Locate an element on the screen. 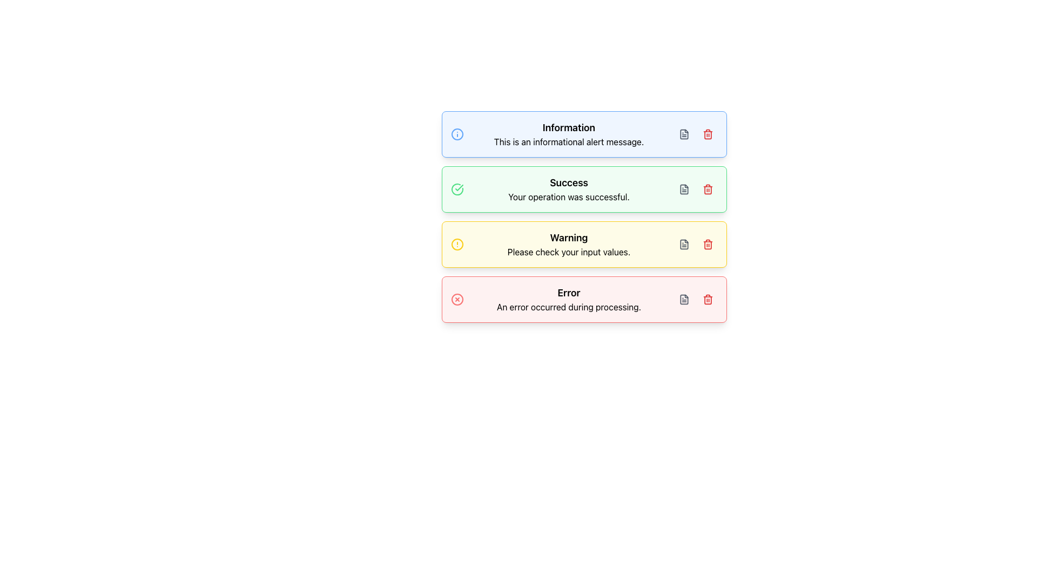 Image resolution: width=1037 pixels, height=583 pixels. the static text UI component that reads 'Please check your input values.' within the warning alert box, which is styled in black font on a white background and is the second line of text in the notification is located at coordinates (568, 252).